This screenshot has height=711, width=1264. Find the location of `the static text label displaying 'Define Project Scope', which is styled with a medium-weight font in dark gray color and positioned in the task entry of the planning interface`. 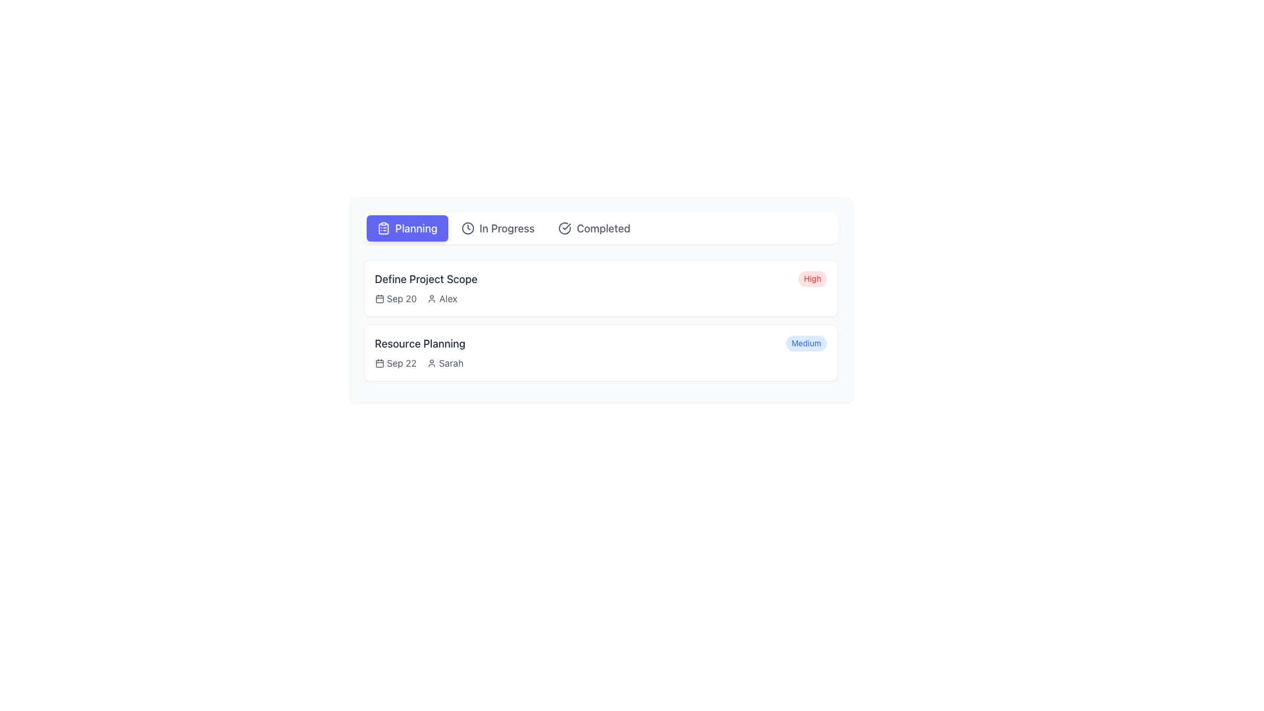

the static text label displaying 'Define Project Scope', which is styled with a medium-weight font in dark gray color and positioned in the task entry of the planning interface is located at coordinates (426, 278).